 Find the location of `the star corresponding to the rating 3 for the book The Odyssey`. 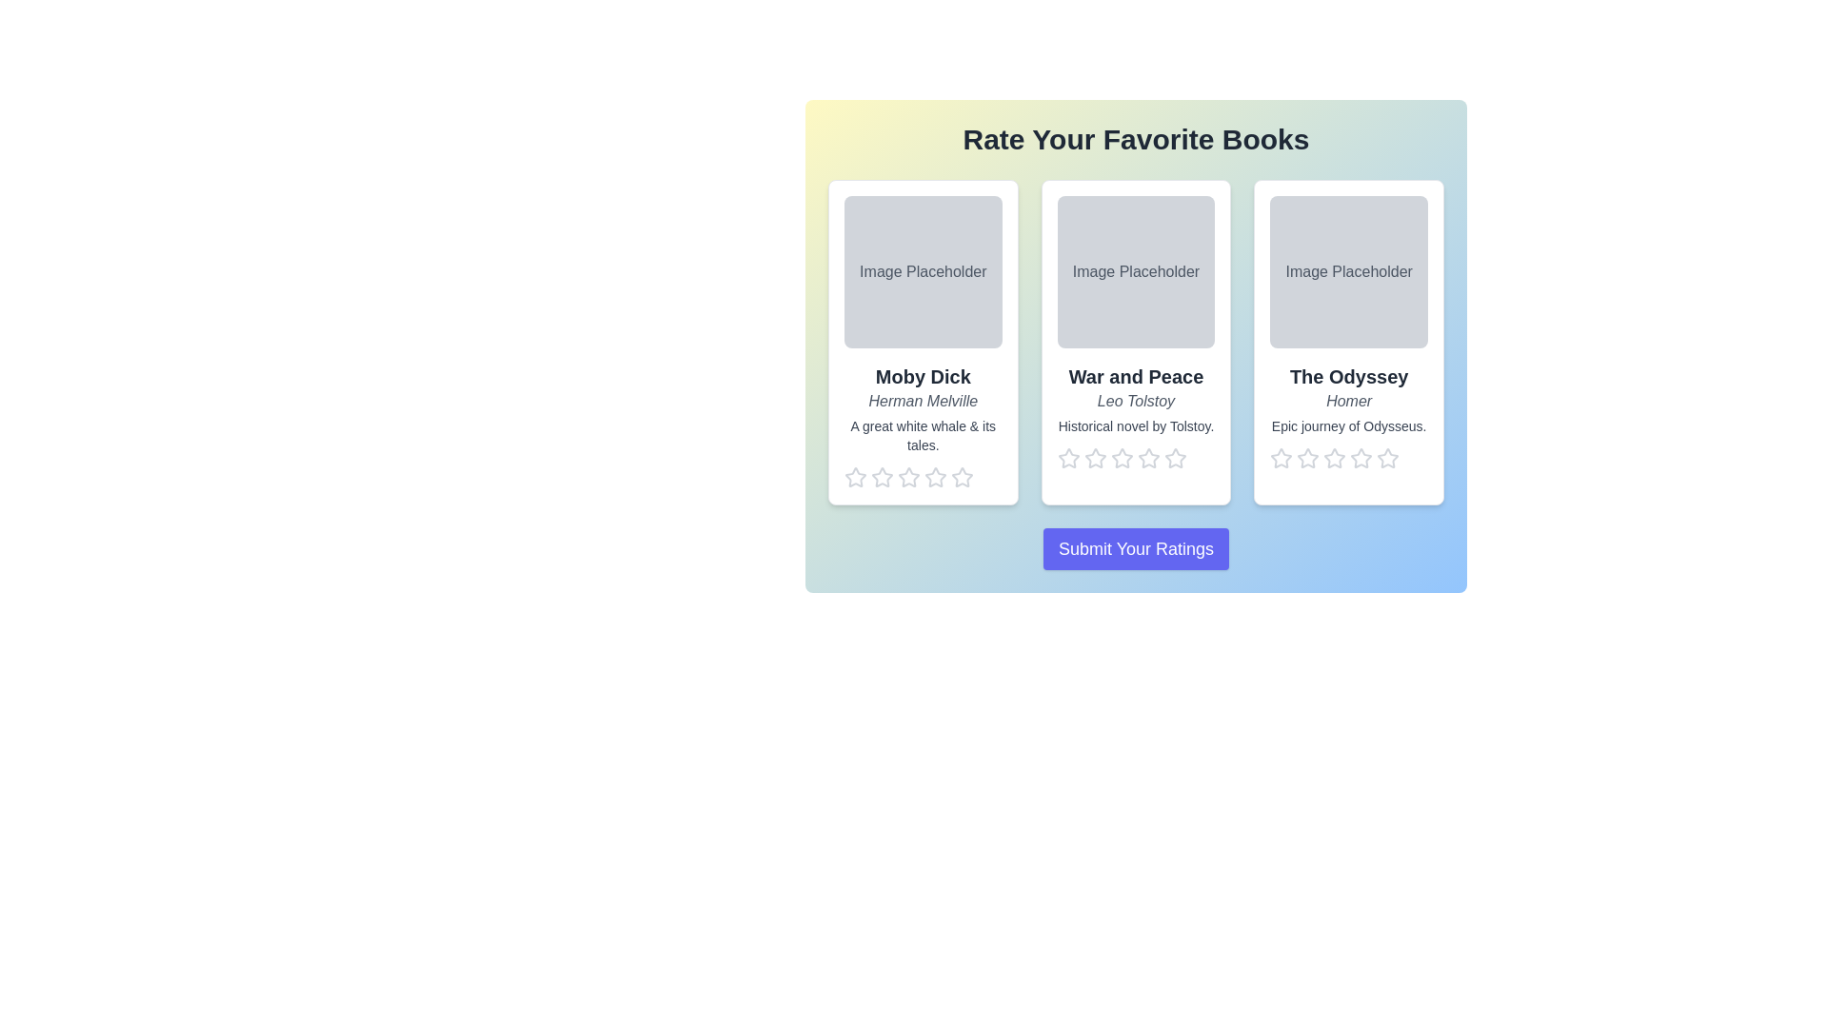

the star corresponding to the rating 3 for the book The Odyssey is located at coordinates (1333, 459).